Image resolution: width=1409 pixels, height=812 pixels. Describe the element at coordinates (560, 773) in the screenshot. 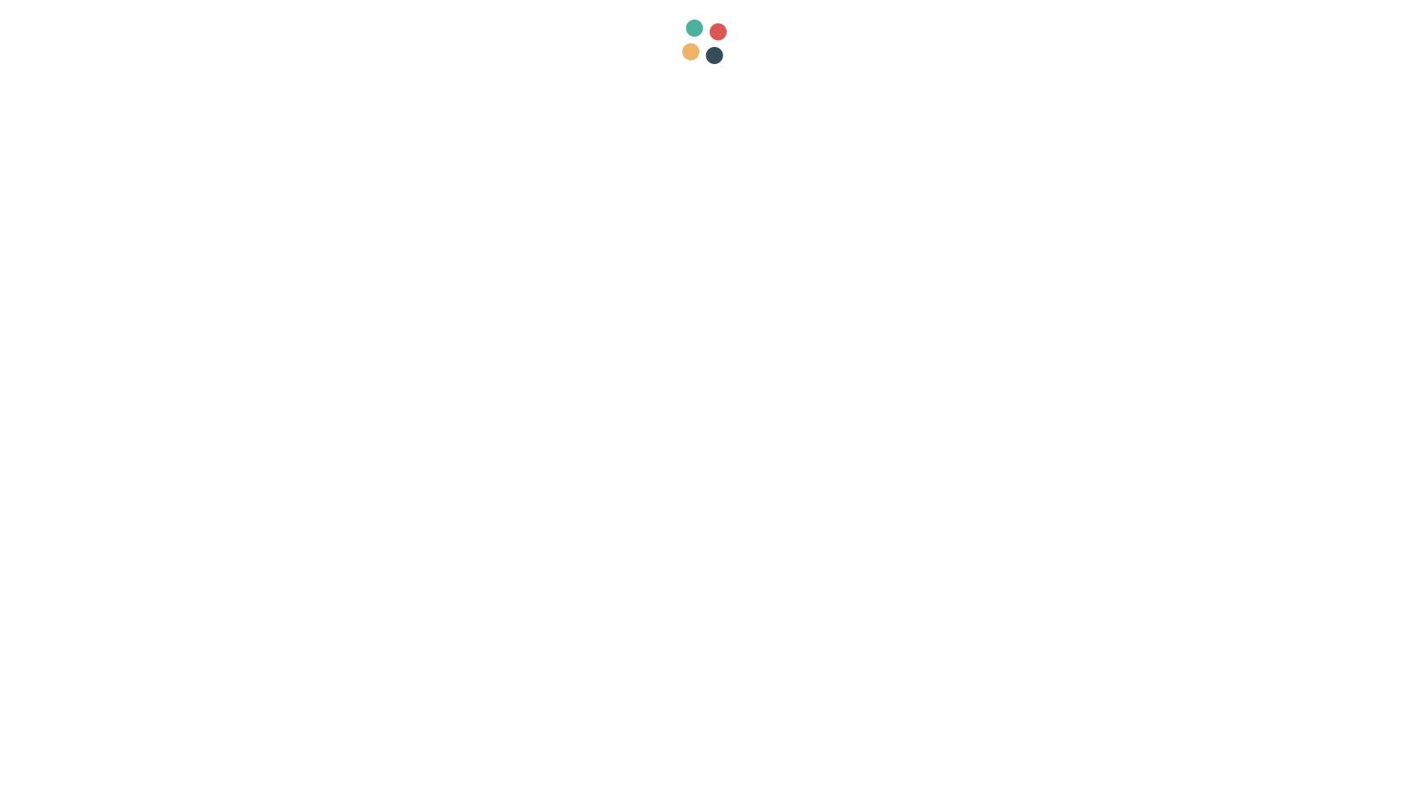

I see `'Questions and Answers, with prize draw to win an iPad Mini'` at that location.